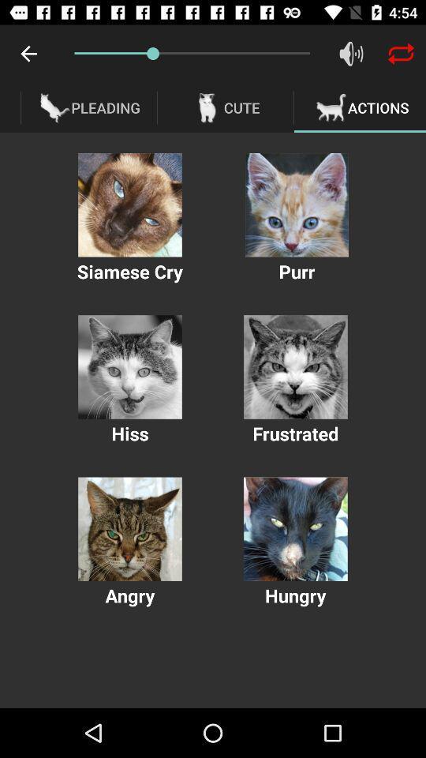 Image resolution: width=426 pixels, height=758 pixels. Describe the element at coordinates (297, 204) in the screenshot. I see `animal kind` at that location.